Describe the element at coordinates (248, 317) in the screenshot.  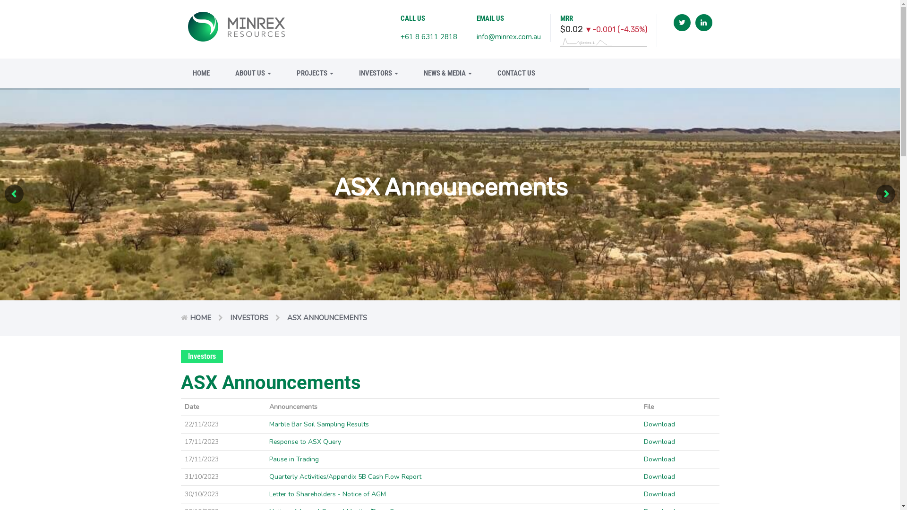
I see `'INVESTORS'` at that location.